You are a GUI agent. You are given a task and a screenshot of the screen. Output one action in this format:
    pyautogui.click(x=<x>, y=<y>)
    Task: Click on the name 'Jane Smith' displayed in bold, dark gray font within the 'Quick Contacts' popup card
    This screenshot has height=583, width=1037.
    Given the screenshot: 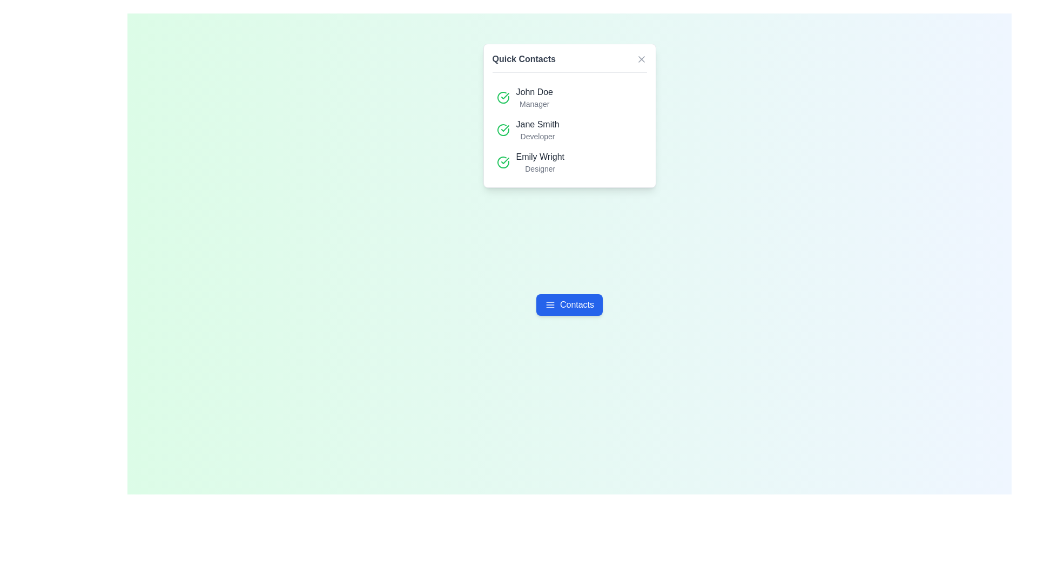 What is the action you would take?
    pyautogui.click(x=537, y=124)
    